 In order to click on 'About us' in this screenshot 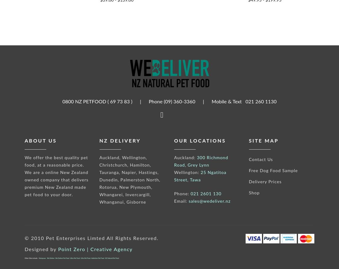, I will do `click(41, 141)`.